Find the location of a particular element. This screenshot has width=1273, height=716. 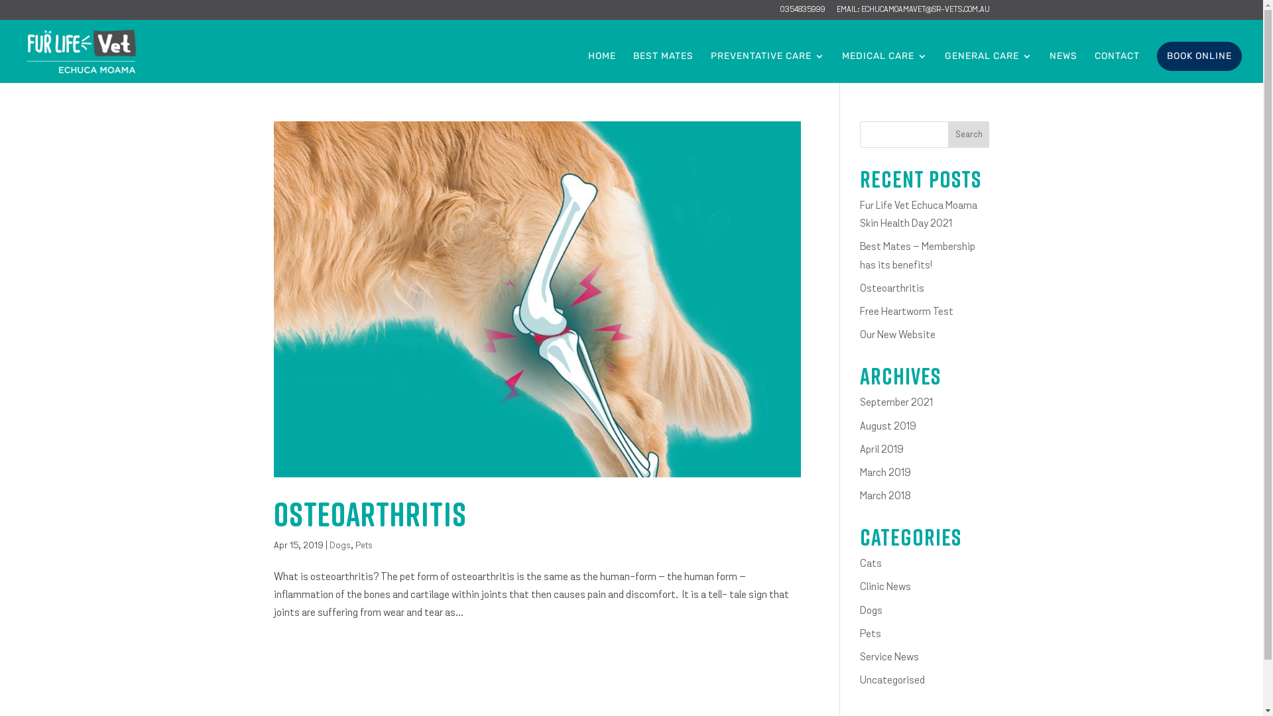

'Uncategorised' is located at coordinates (892, 680).